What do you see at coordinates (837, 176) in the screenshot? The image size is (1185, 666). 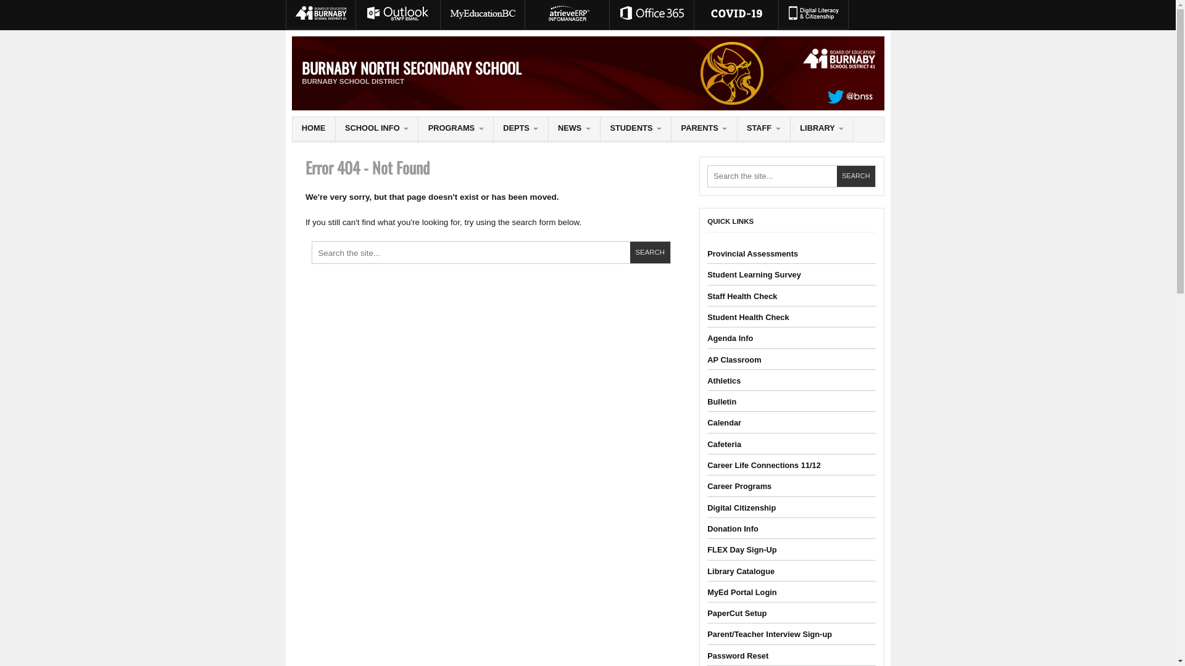 I see `'Search'` at bounding box center [837, 176].